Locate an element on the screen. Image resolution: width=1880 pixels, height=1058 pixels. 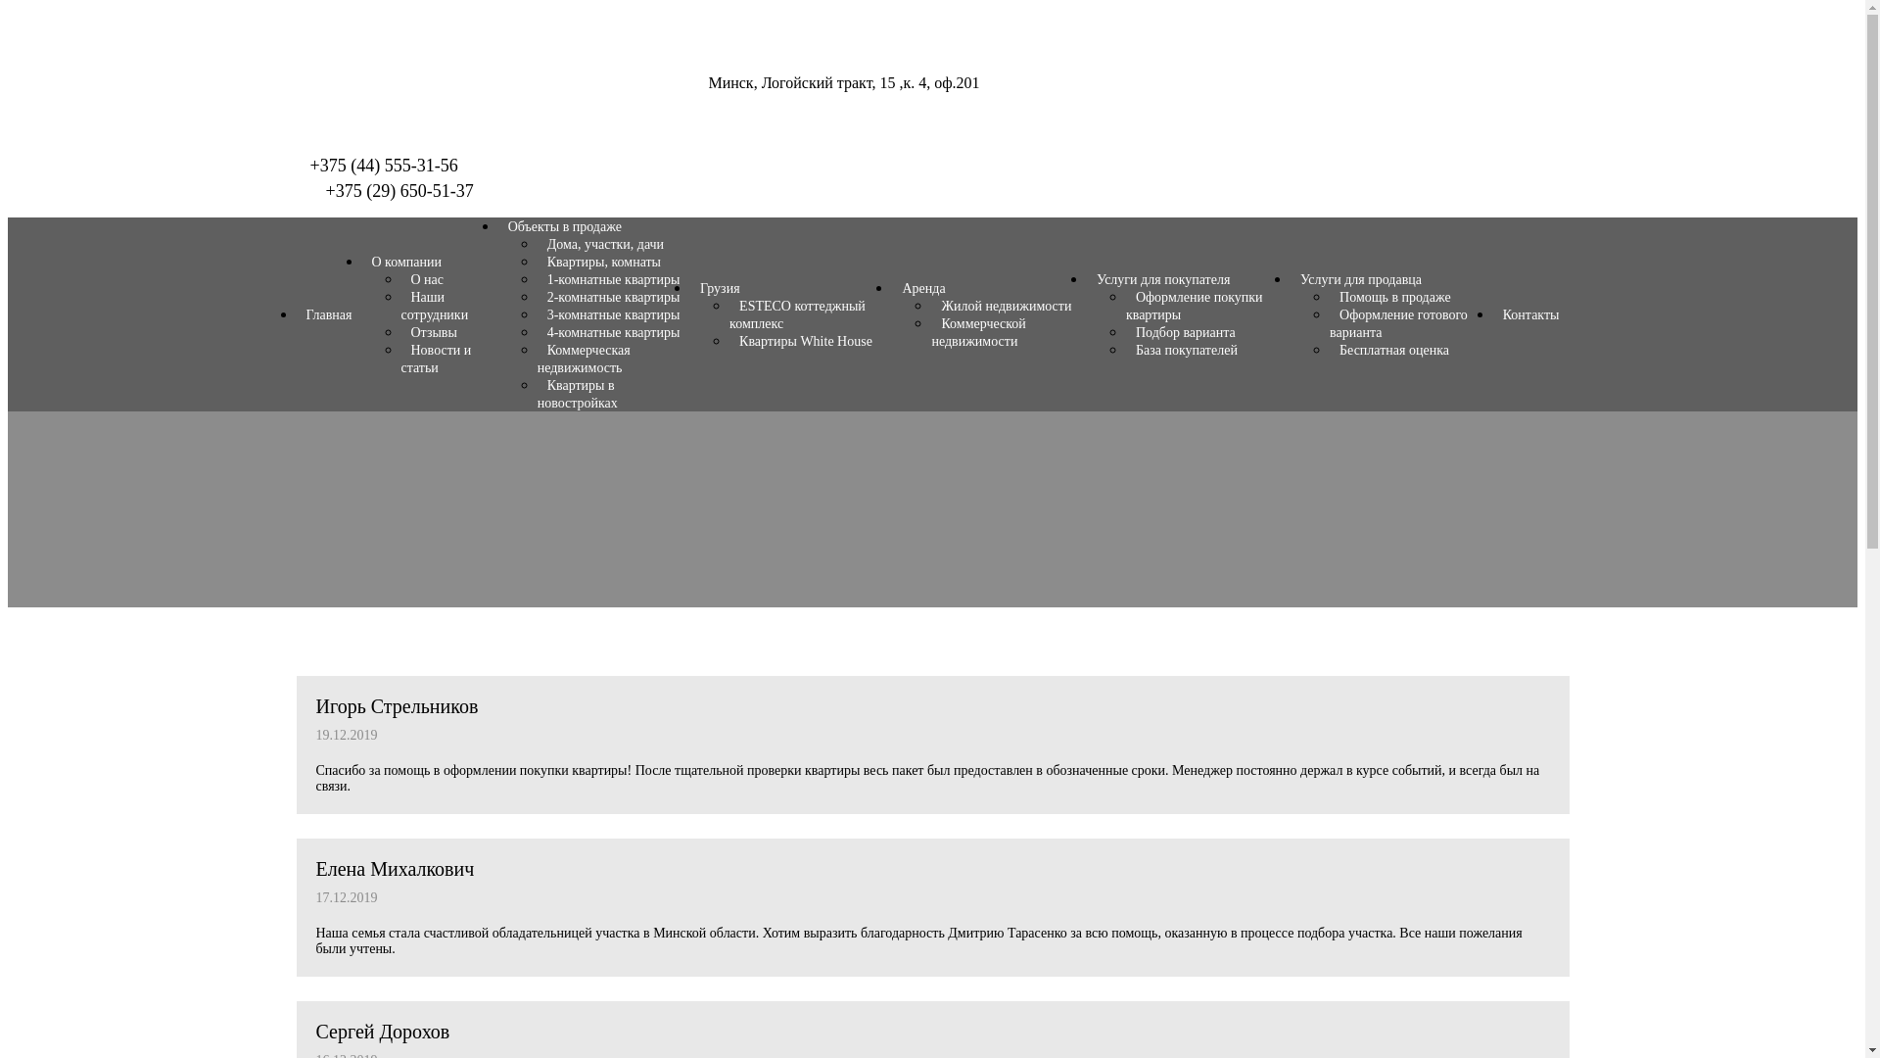
'+375 (44) 555-31-56' is located at coordinates (383, 164).